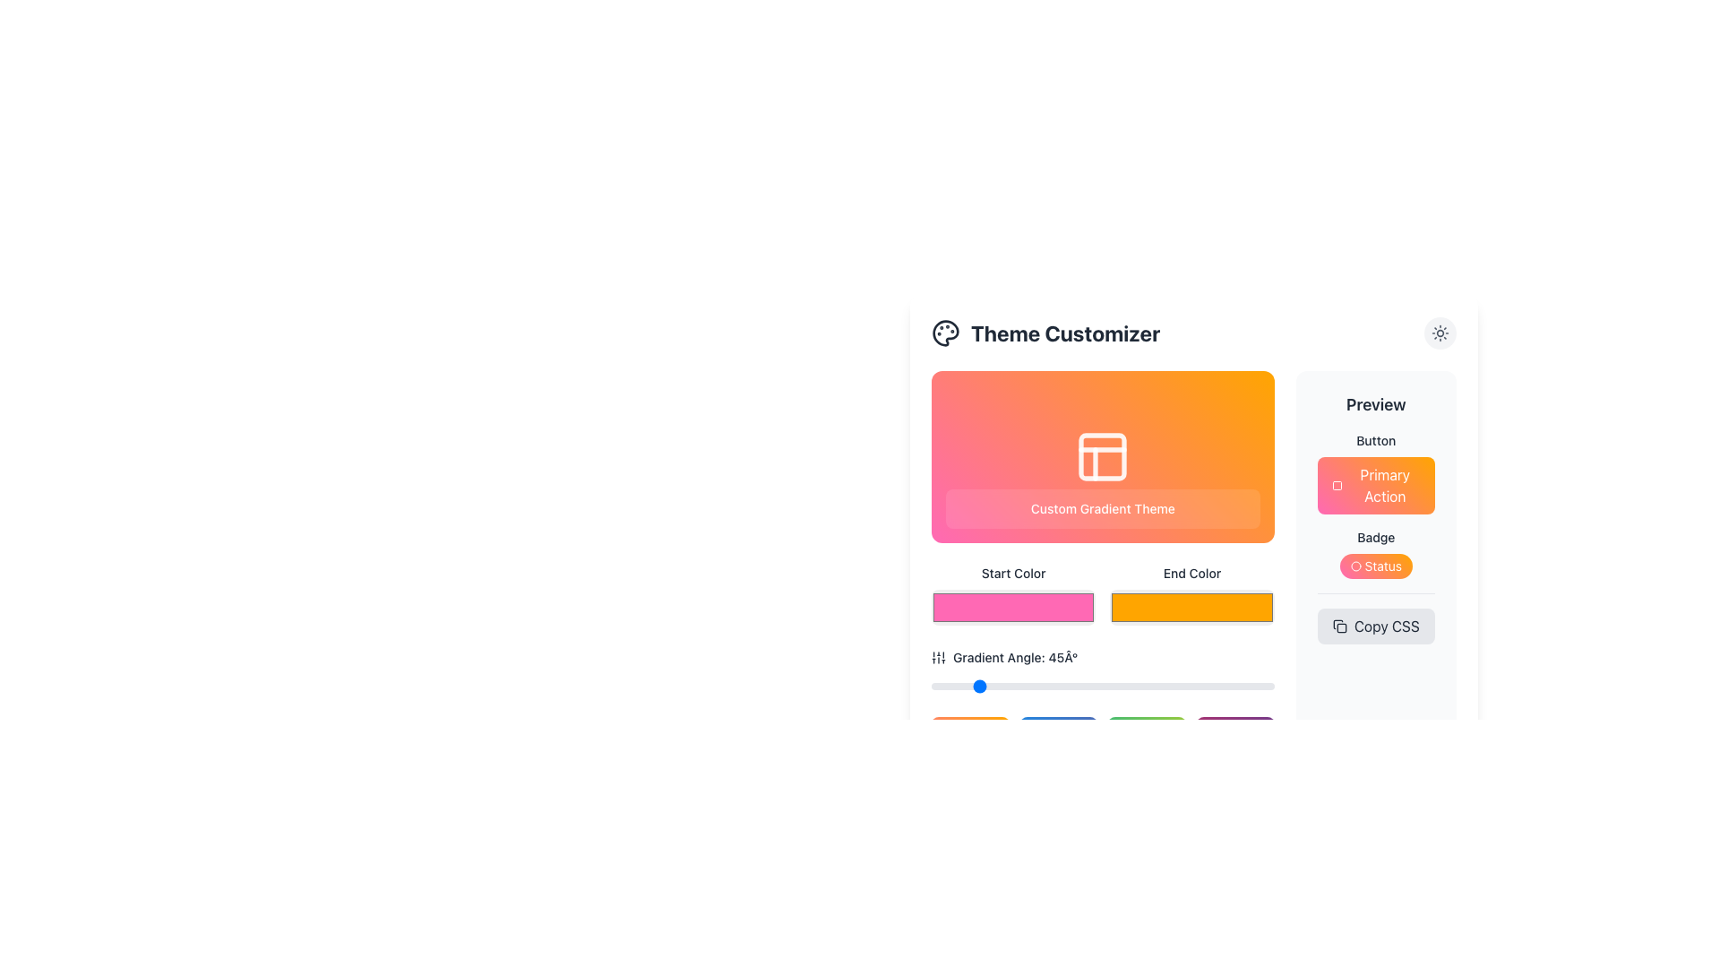  I want to click on the 'Copy CSS' button with a light gray background, so click(1375, 625).